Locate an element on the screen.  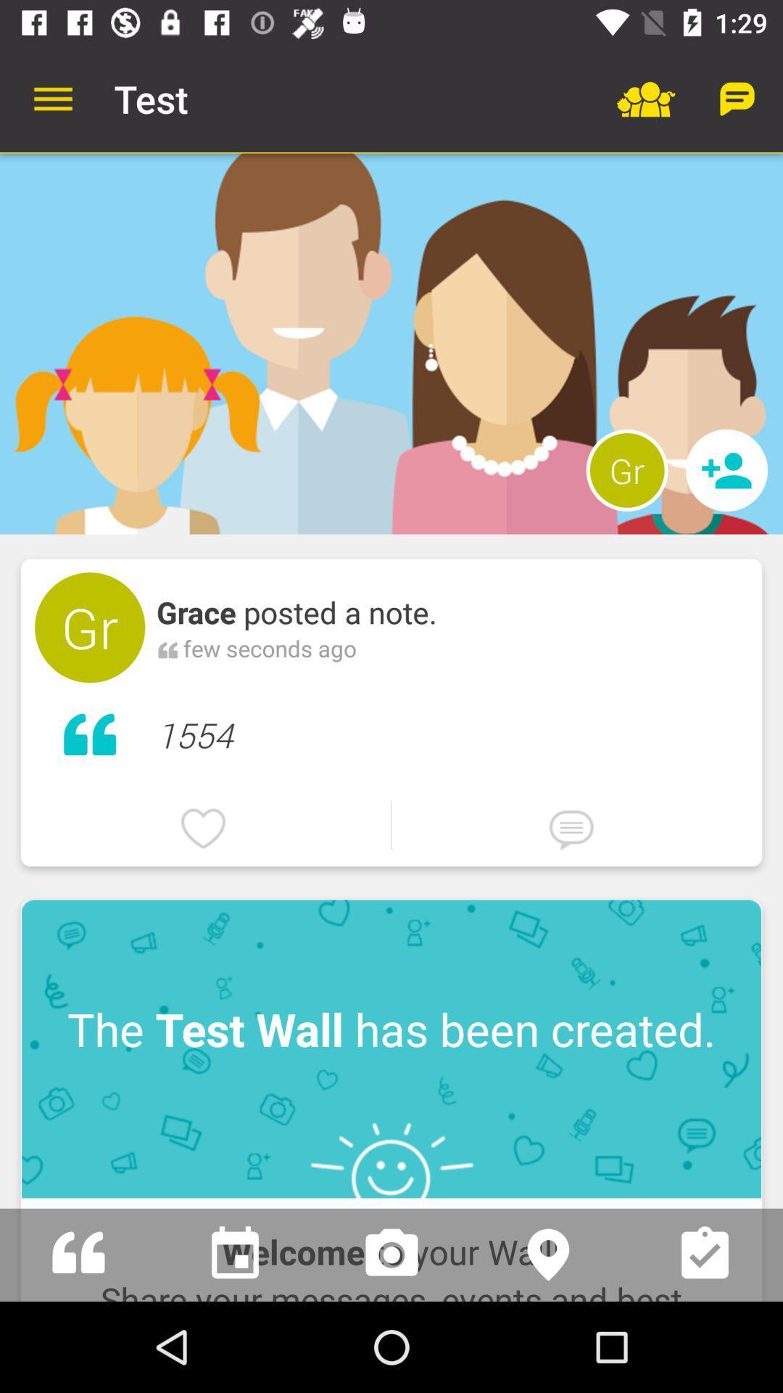
item to the left of the test app is located at coordinates (52, 98).